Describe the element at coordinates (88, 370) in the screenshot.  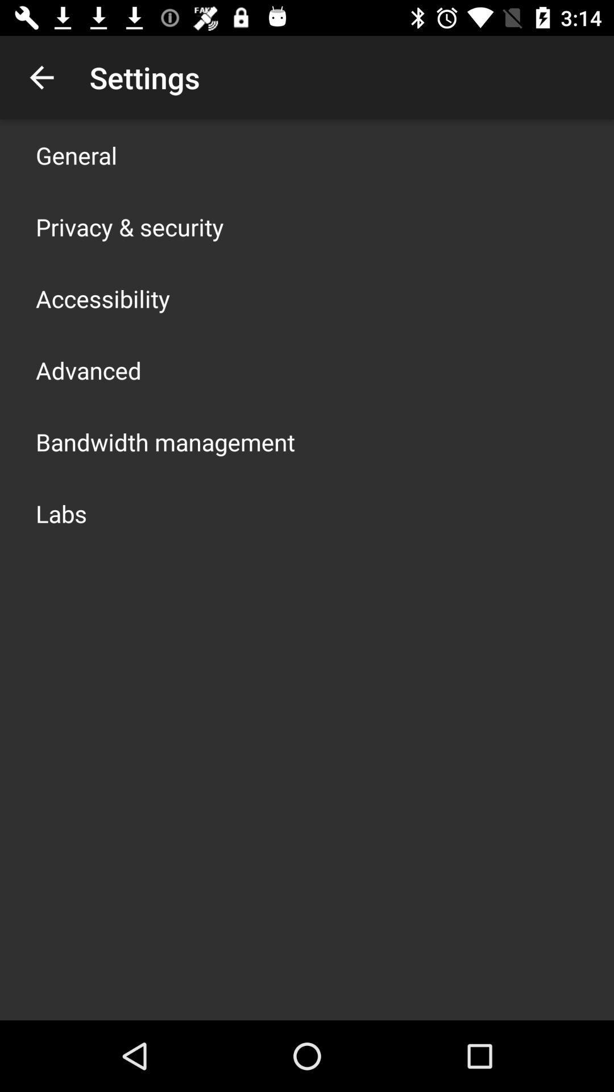
I see `advanced icon` at that location.